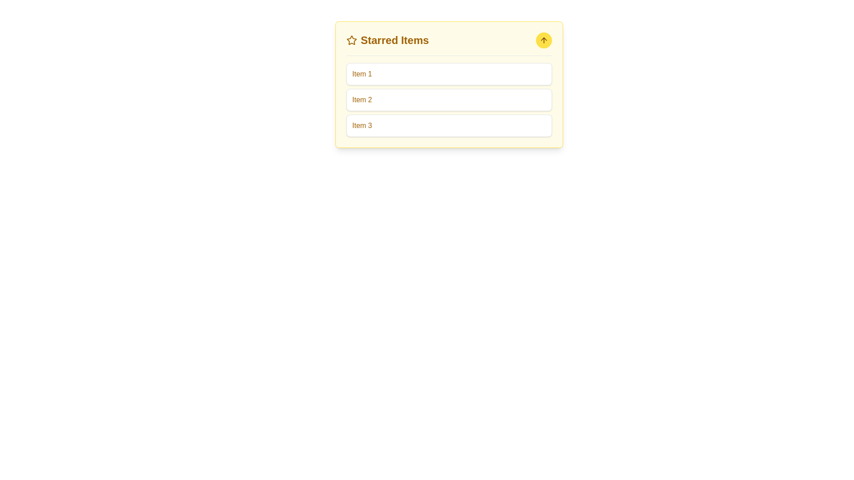  What do you see at coordinates (387, 40) in the screenshot?
I see `the section header indicating that the items listed below are marked as favorites or of high importance` at bounding box center [387, 40].